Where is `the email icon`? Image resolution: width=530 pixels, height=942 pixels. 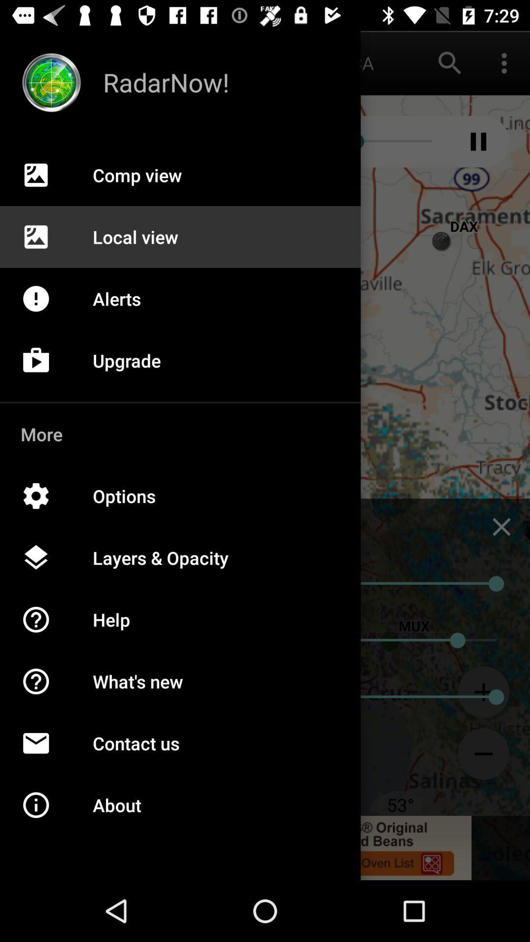 the email icon is located at coordinates (46, 753).